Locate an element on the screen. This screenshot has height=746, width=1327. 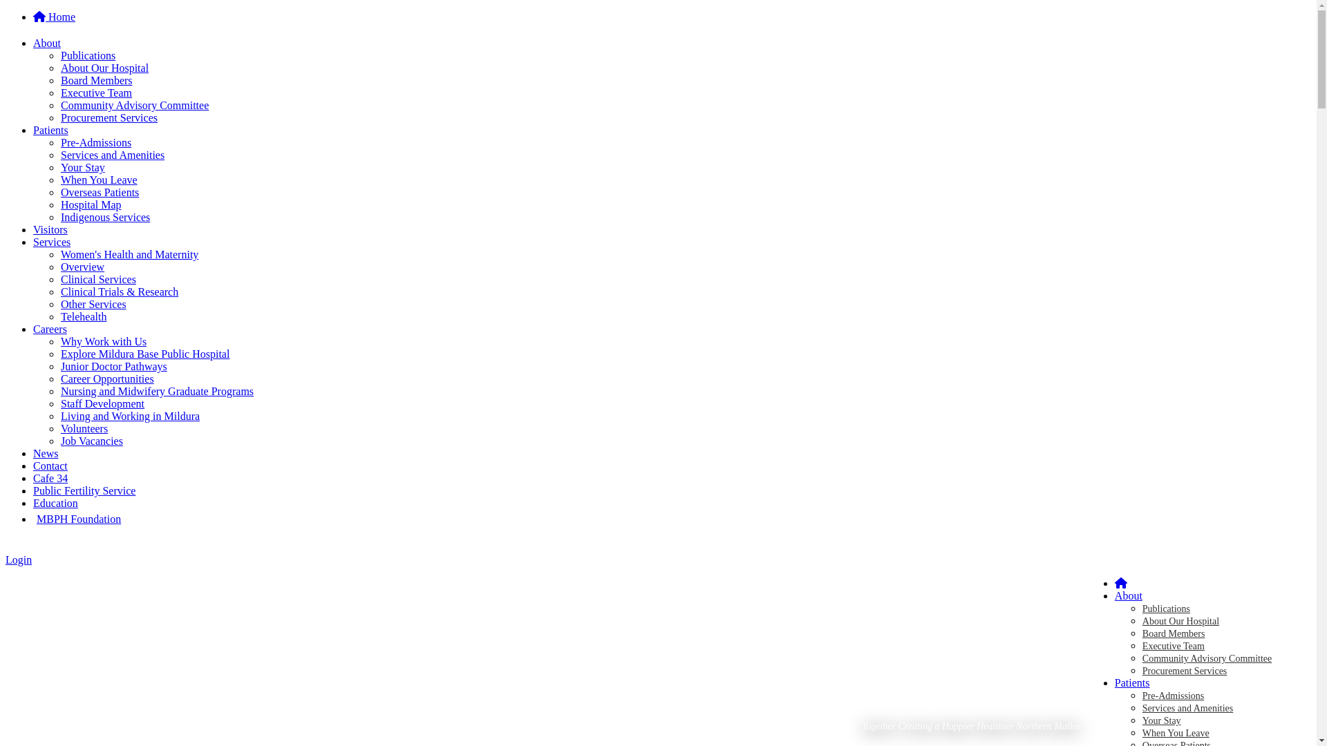
'Your Stay' is located at coordinates (59, 166).